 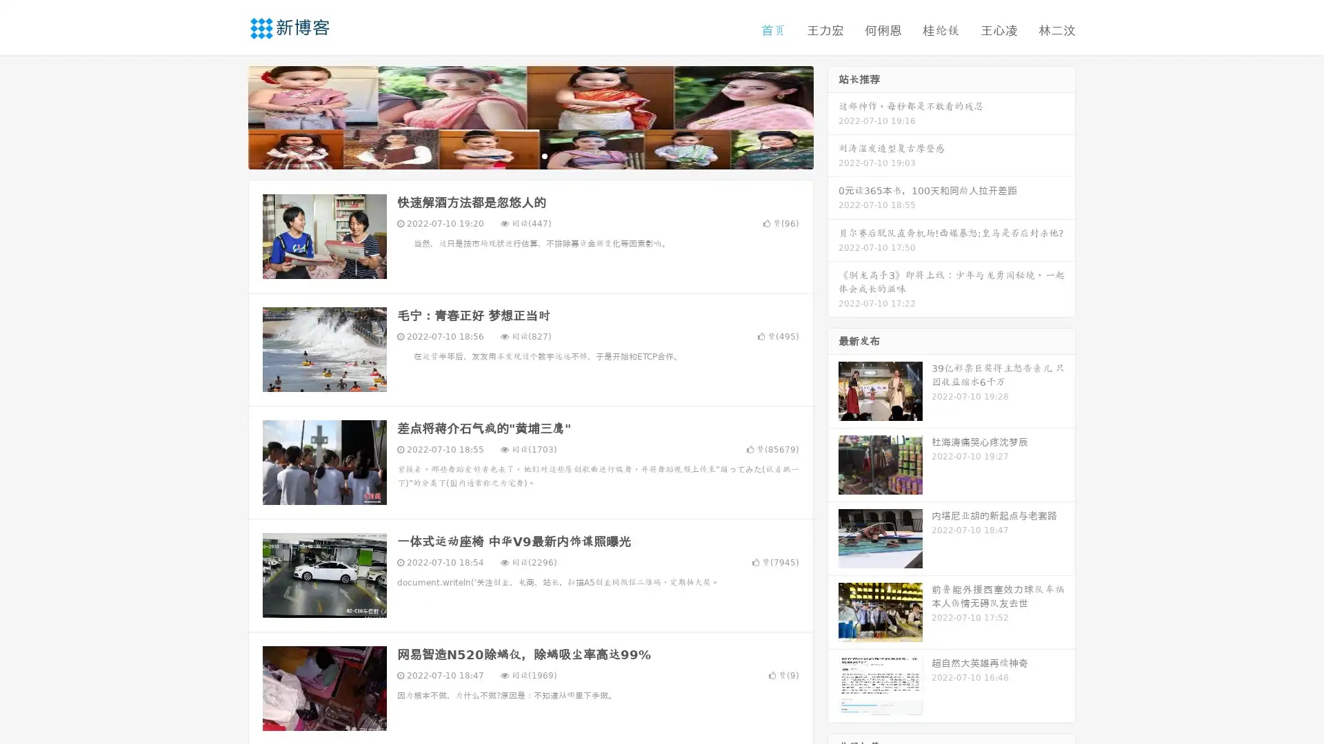 What do you see at coordinates (516, 155) in the screenshot?
I see `Go to slide 1` at bounding box center [516, 155].